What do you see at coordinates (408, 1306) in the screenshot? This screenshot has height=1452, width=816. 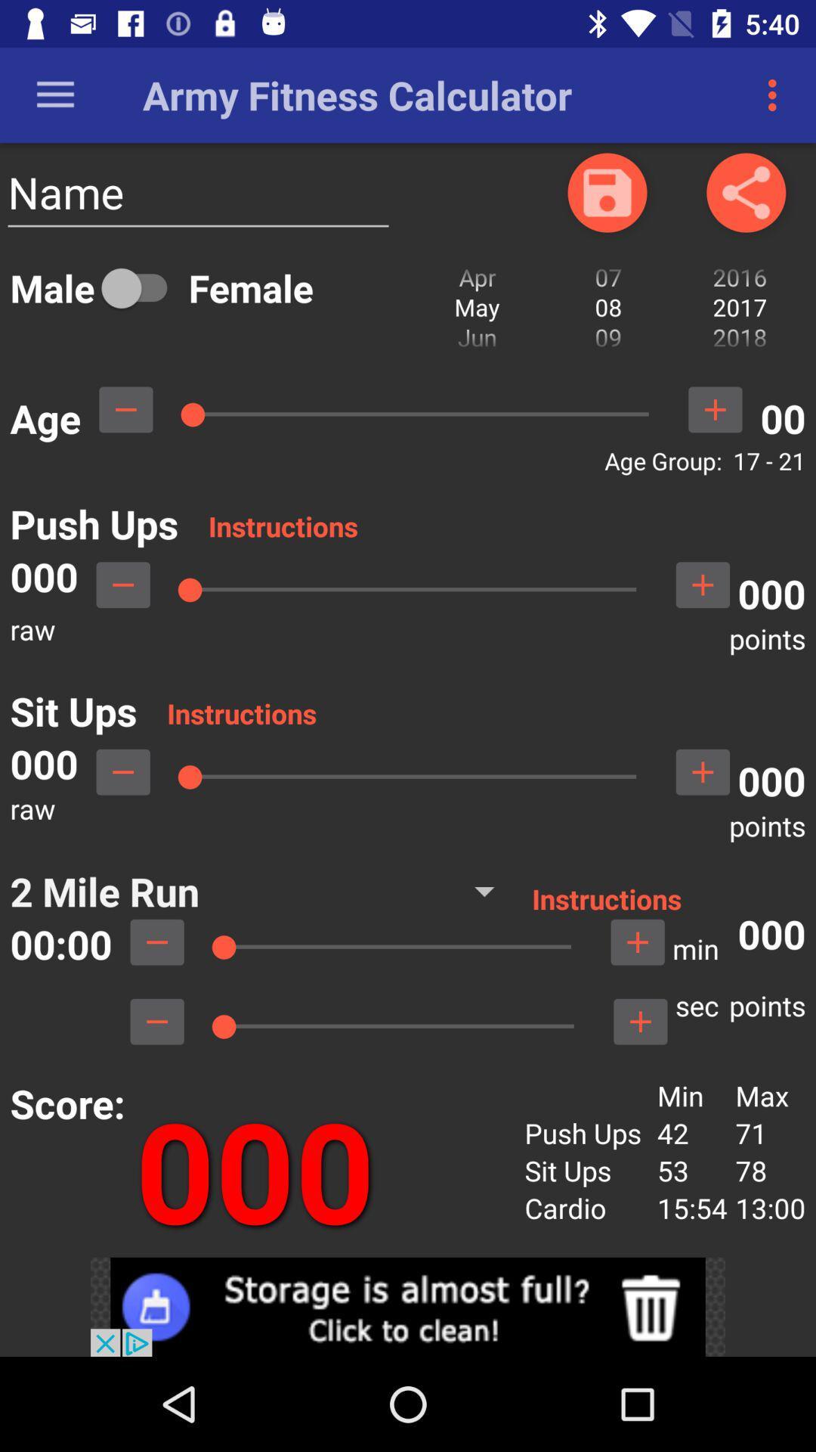 I see `open advertisement` at bounding box center [408, 1306].